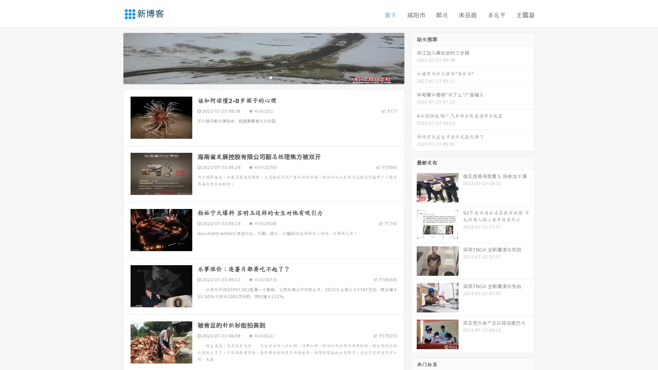 Image resolution: width=658 pixels, height=370 pixels. What do you see at coordinates (113, 58) in the screenshot?
I see `Previous slide` at bounding box center [113, 58].